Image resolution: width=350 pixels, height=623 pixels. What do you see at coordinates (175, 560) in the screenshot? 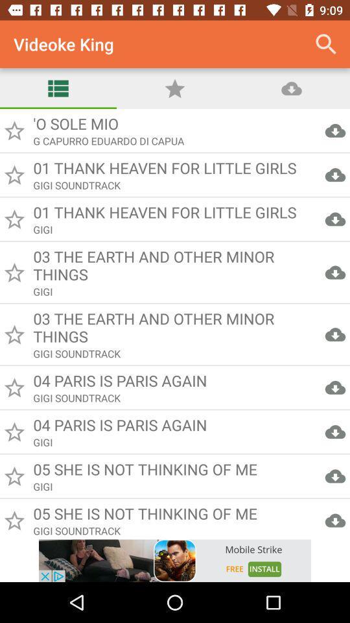
I see `advertisement link` at bounding box center [175, 560].